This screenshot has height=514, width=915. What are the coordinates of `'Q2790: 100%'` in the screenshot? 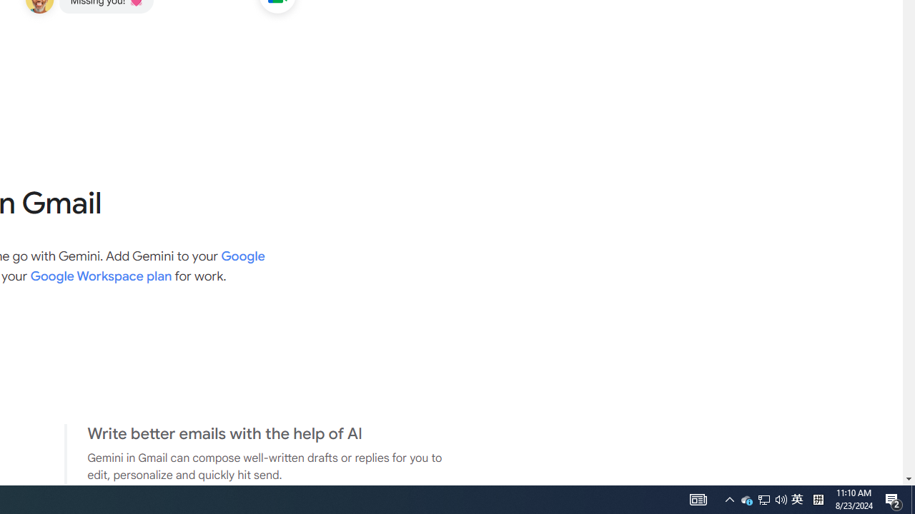 It's located at (763, 498).